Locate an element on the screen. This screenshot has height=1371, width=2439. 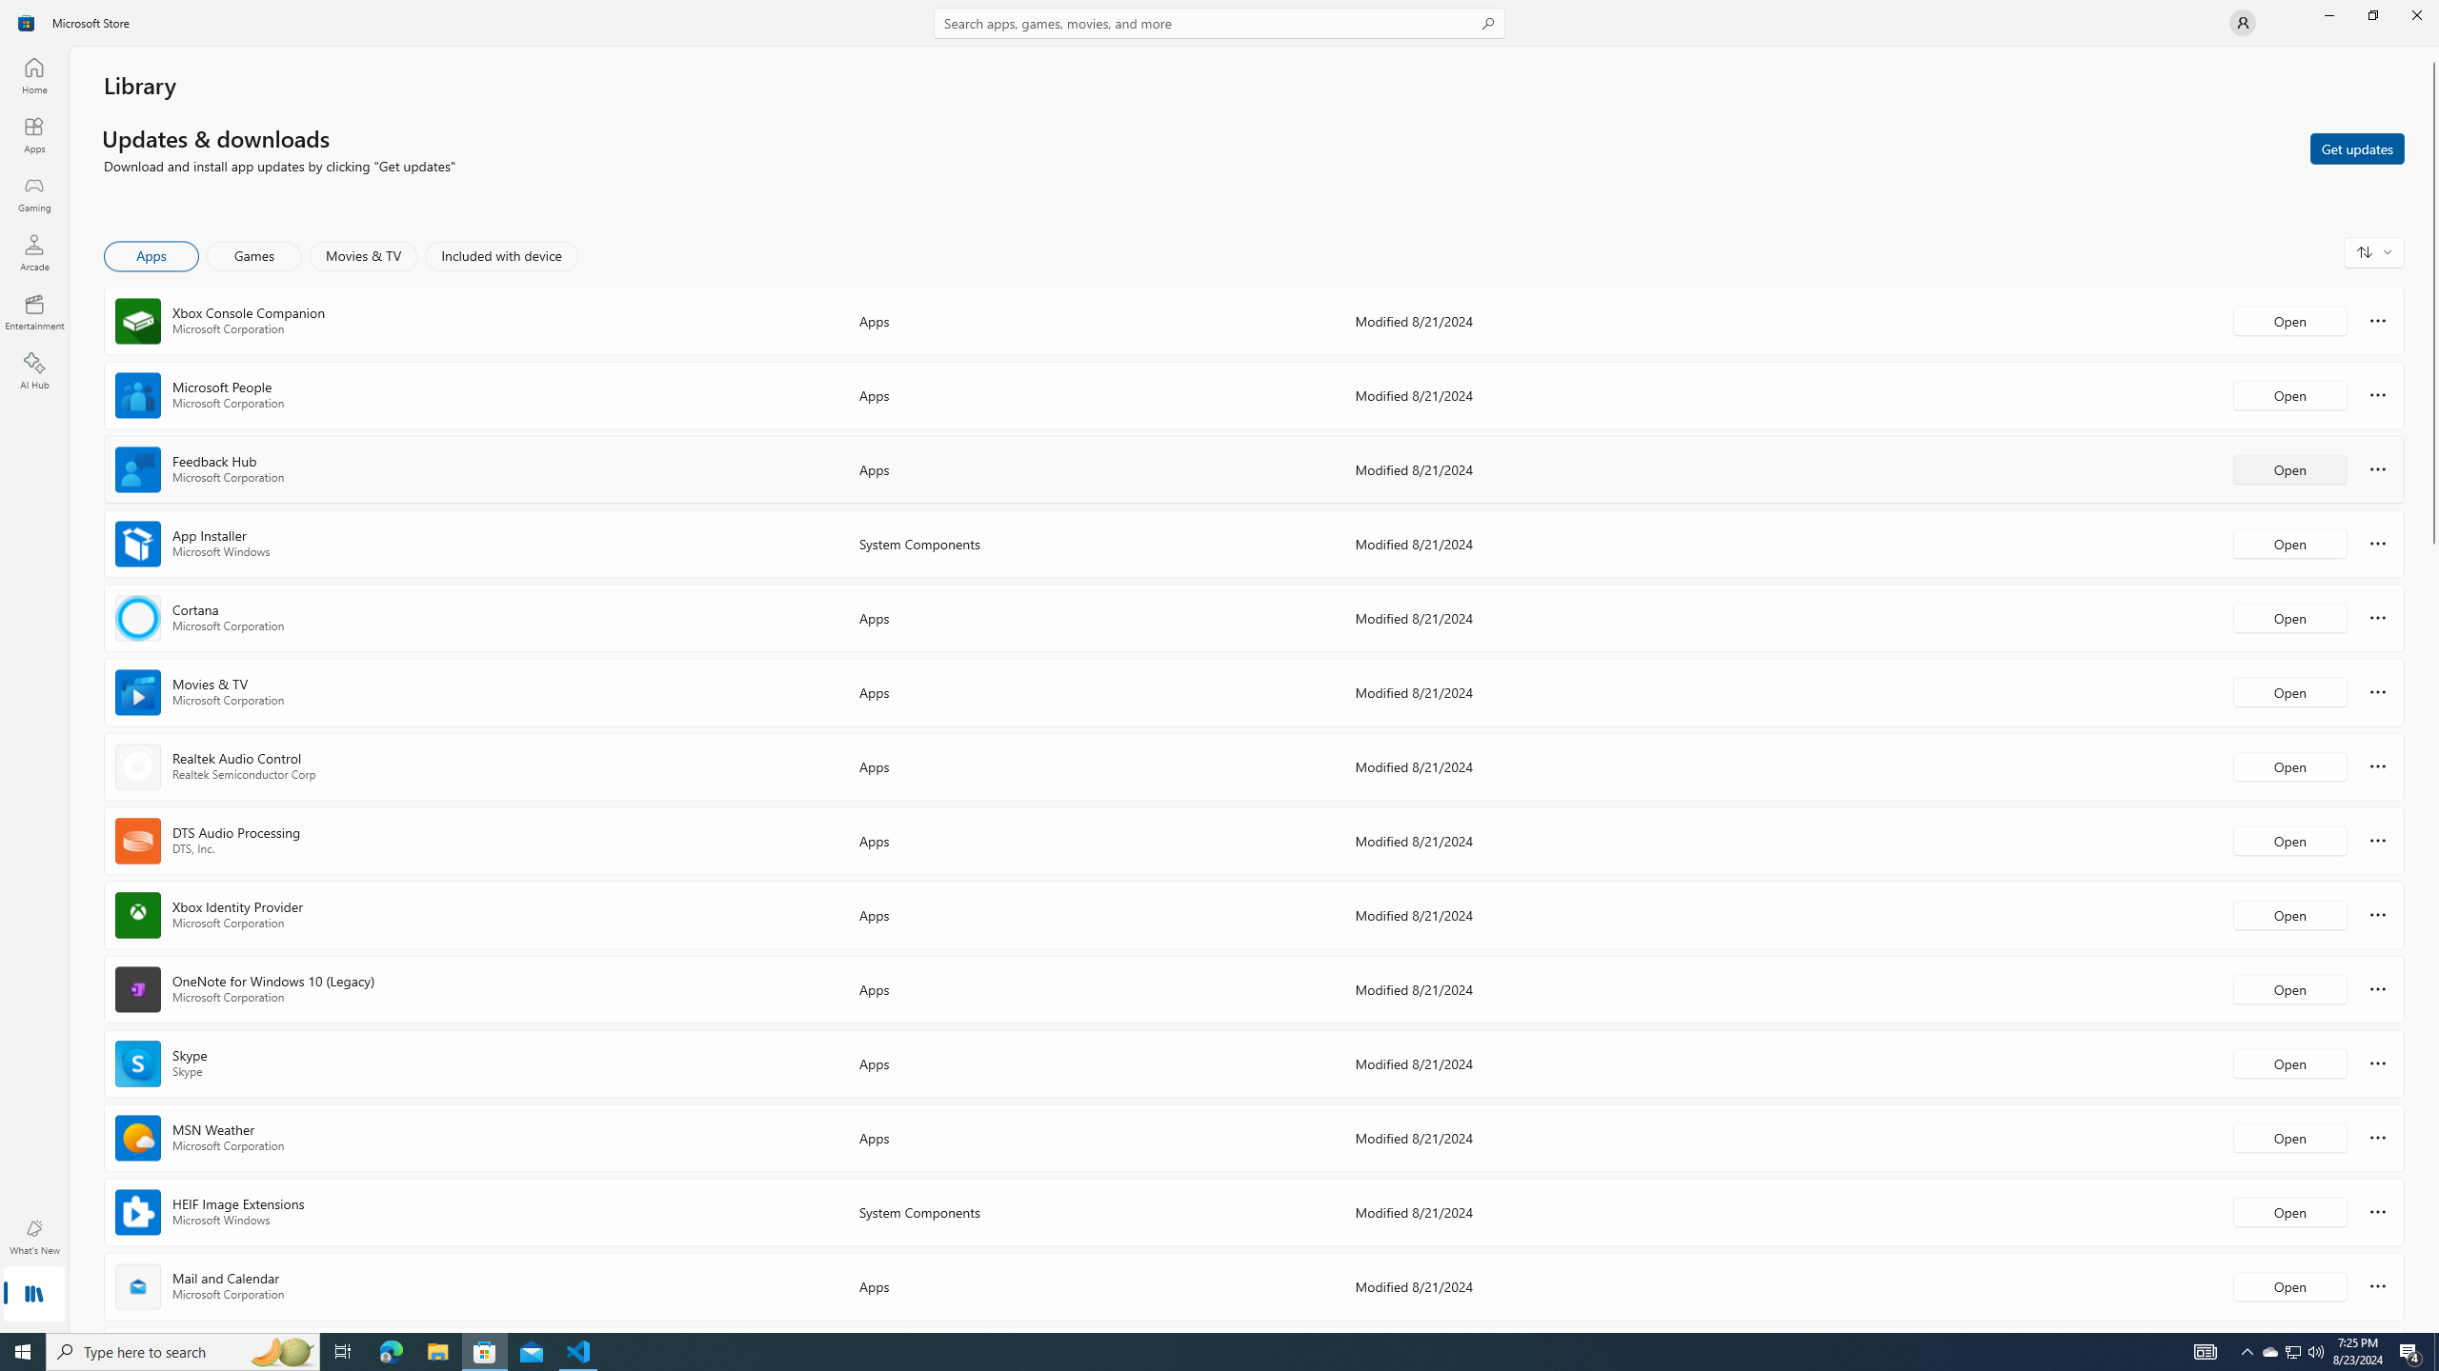
'Arcade' is located at coordinates (32, 251).